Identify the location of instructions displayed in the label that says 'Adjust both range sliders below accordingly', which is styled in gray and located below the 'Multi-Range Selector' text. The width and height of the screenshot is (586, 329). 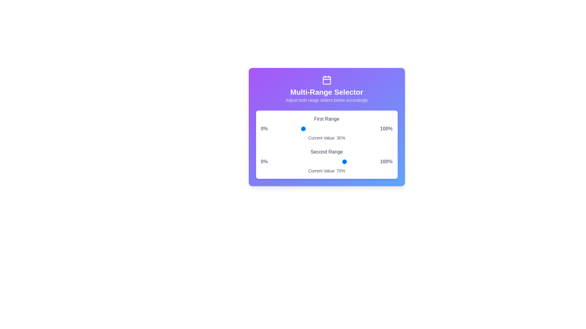
(326, 100).